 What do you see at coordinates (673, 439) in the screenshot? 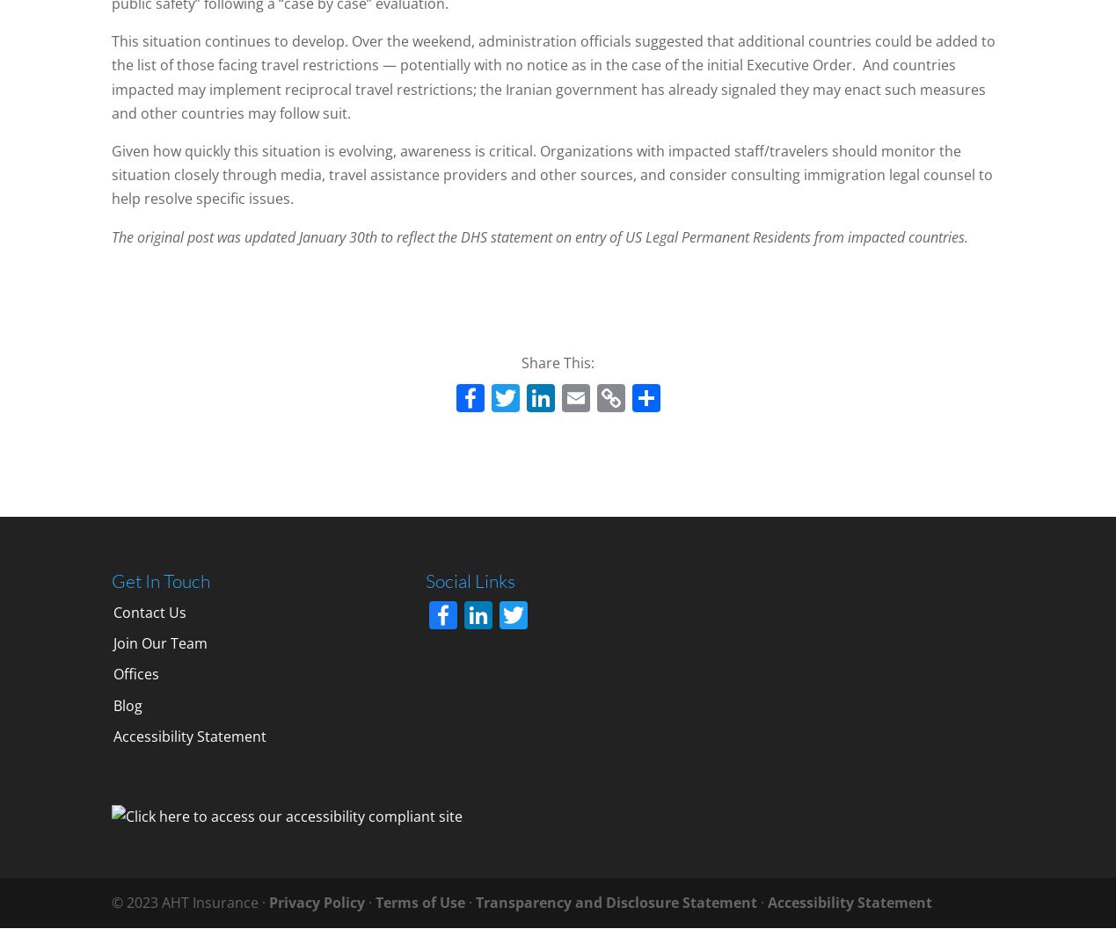
I see `'Share'` at bounding box center [673, 439].